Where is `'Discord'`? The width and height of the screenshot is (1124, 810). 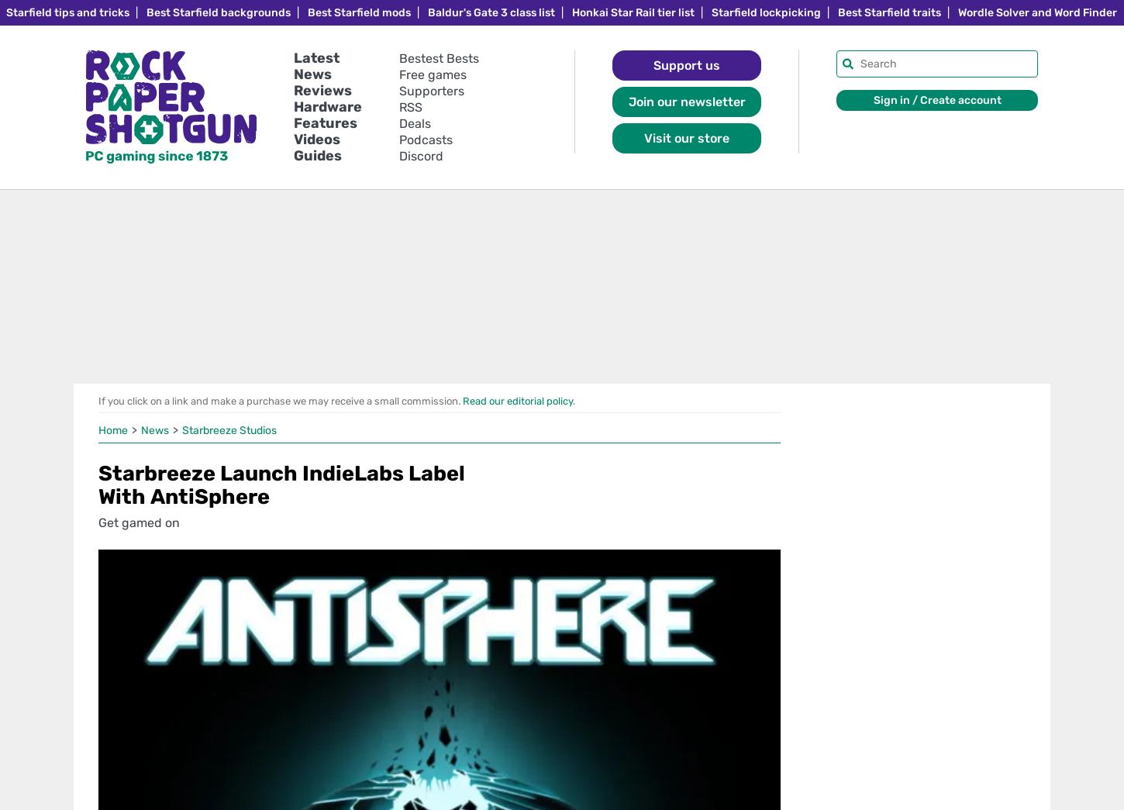 'Discord' is located at coordinates (421, 156).